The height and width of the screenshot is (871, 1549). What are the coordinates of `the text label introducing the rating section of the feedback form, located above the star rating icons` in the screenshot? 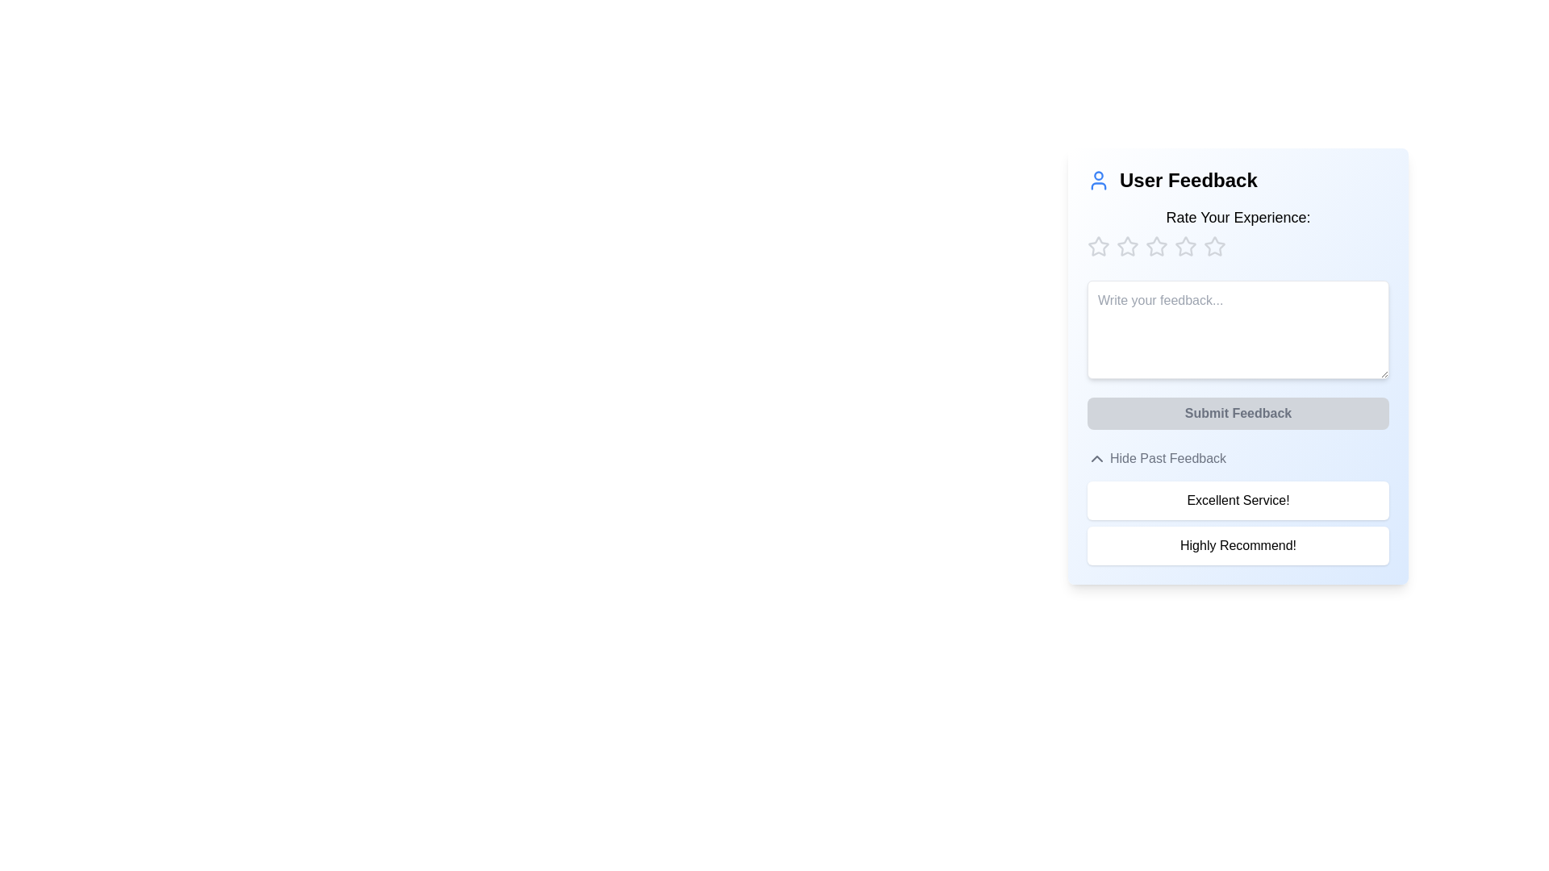 It's located at (1238, 218).